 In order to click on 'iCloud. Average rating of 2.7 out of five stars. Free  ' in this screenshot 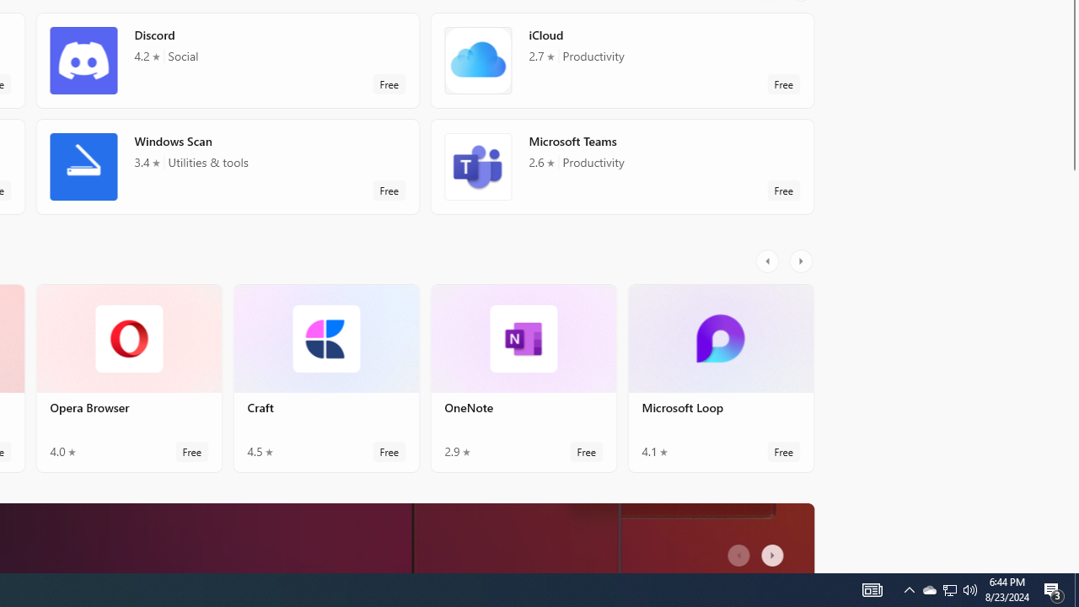, I will do `click(620, 66)`.